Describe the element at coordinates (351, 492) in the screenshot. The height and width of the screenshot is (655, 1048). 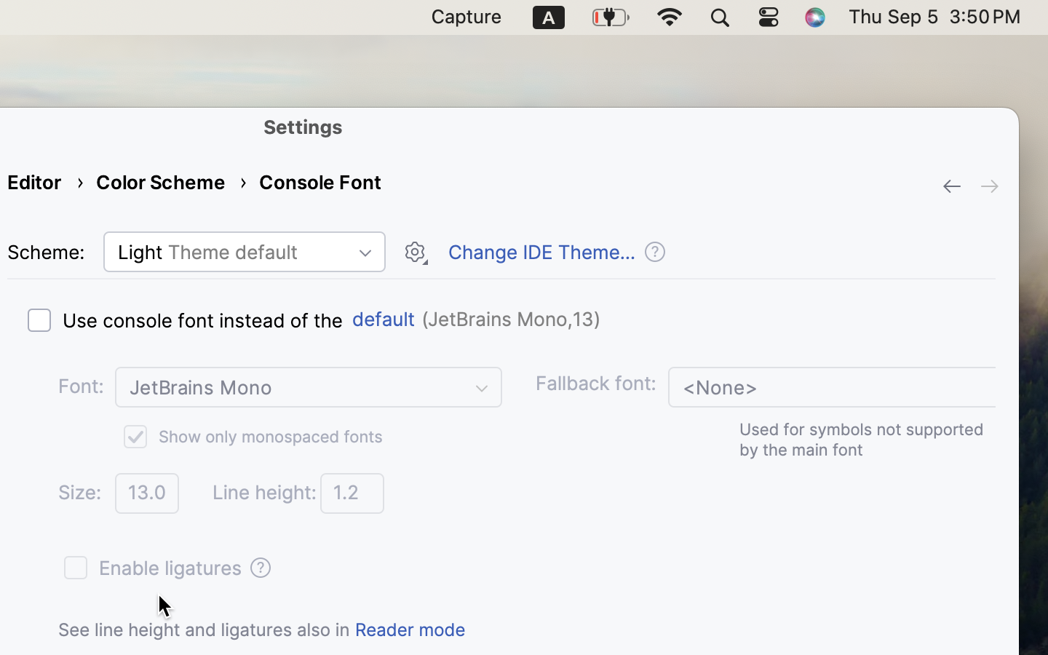
I see `'1.2'` at that location.